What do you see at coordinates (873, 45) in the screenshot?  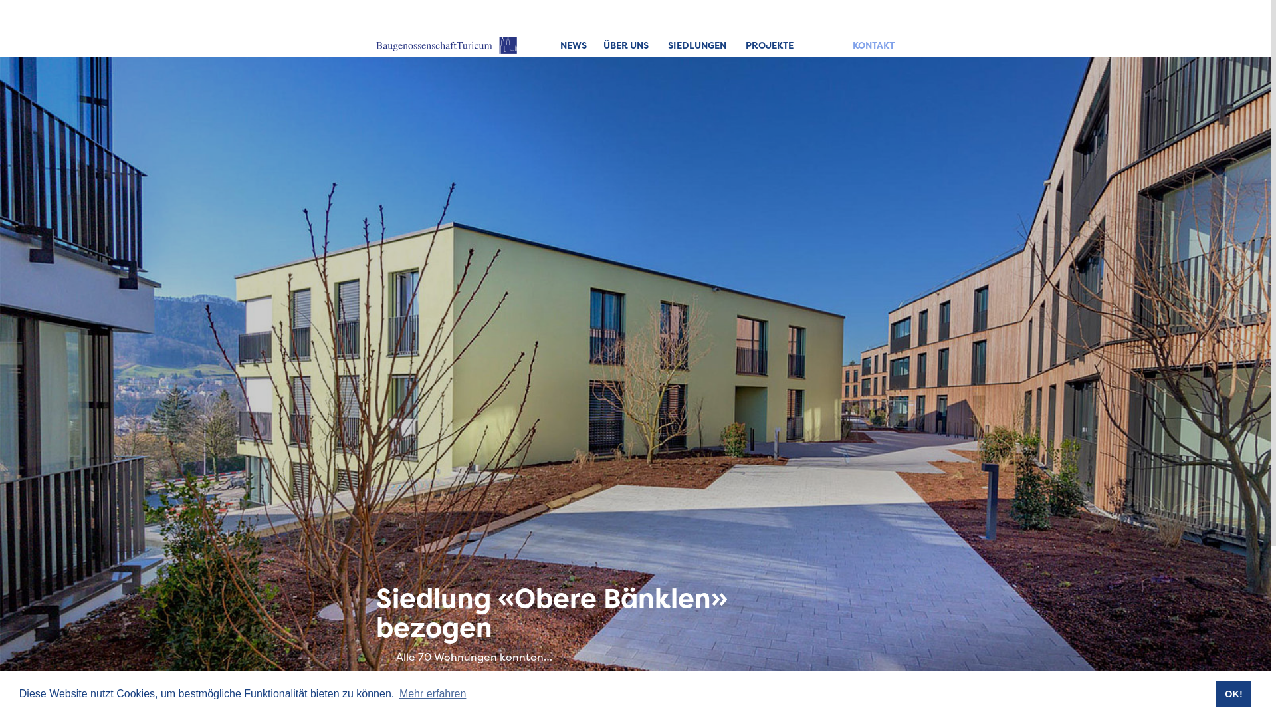 I see `'KONTAKT'` at bounding box center [873, 45].